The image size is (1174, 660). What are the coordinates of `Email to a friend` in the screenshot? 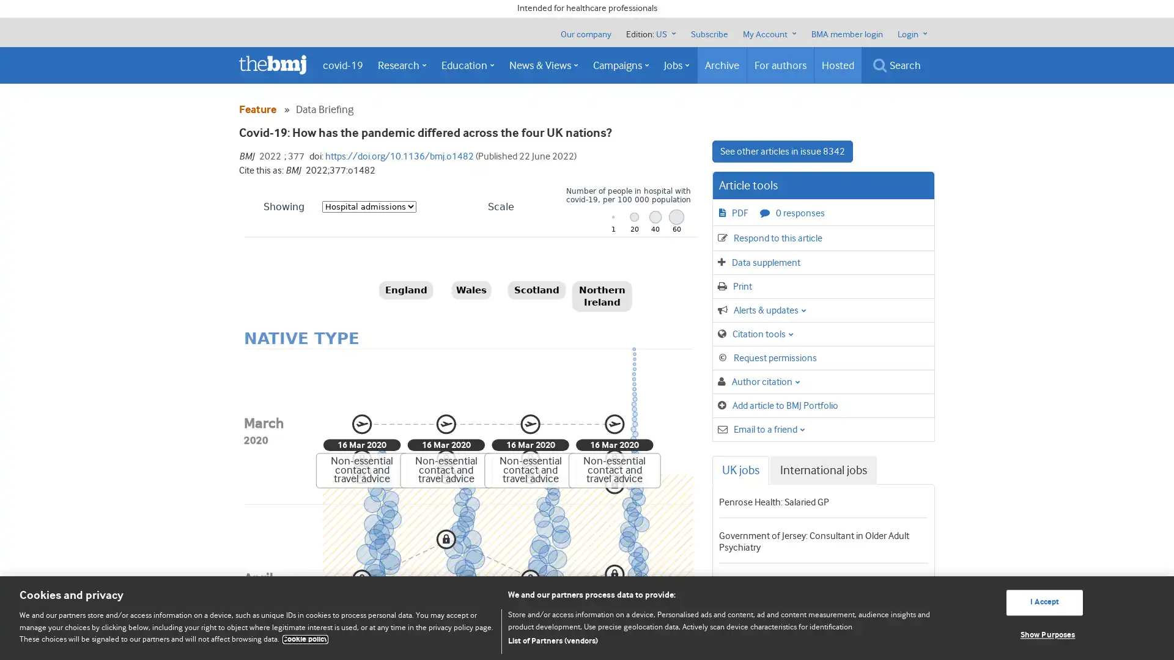 It's located at (768, 428).